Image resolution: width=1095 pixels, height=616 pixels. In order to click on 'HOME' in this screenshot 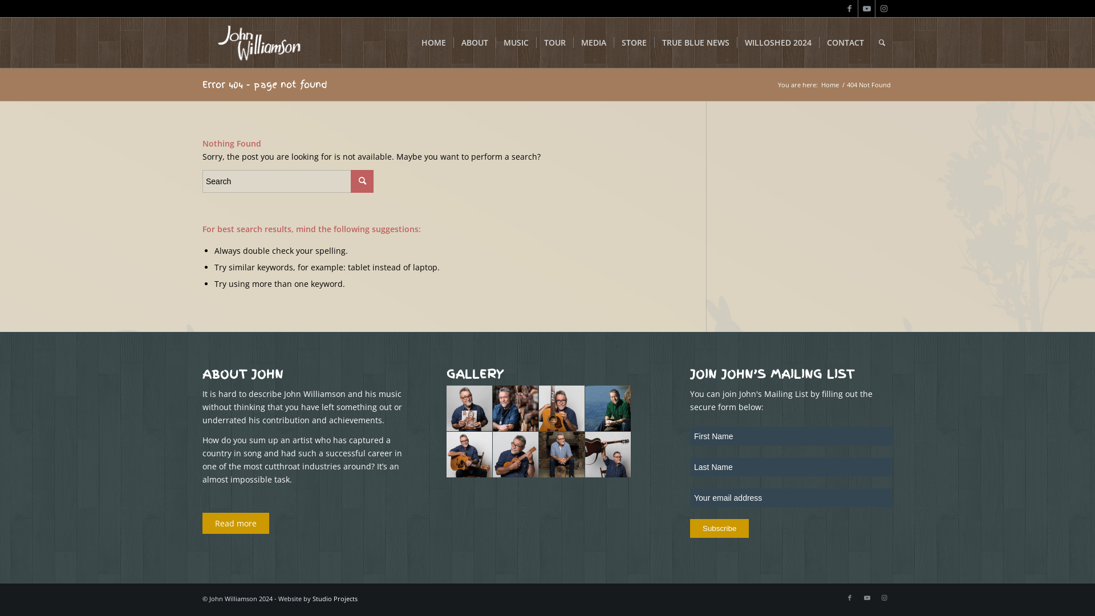, I will do `click(413, 42)`.